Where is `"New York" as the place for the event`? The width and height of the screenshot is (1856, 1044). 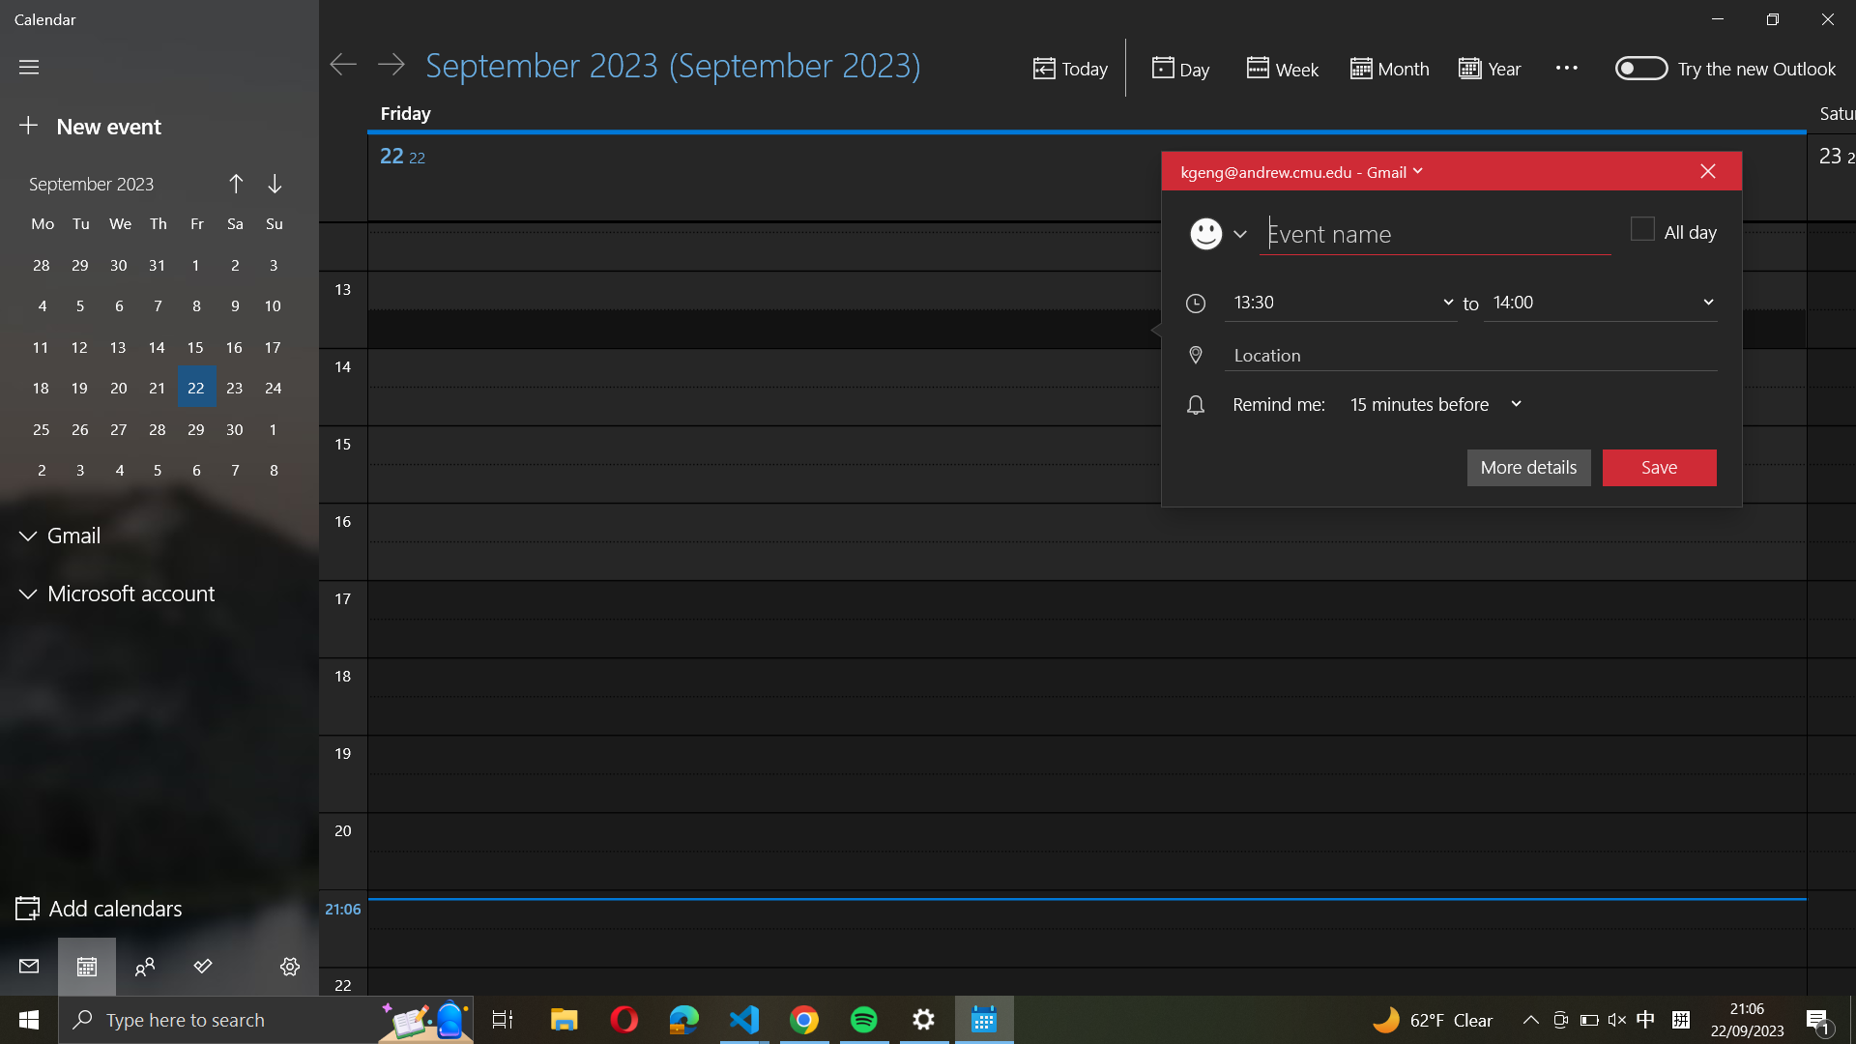 "New York" as the place for the event is located at coordinates (1466, 354).